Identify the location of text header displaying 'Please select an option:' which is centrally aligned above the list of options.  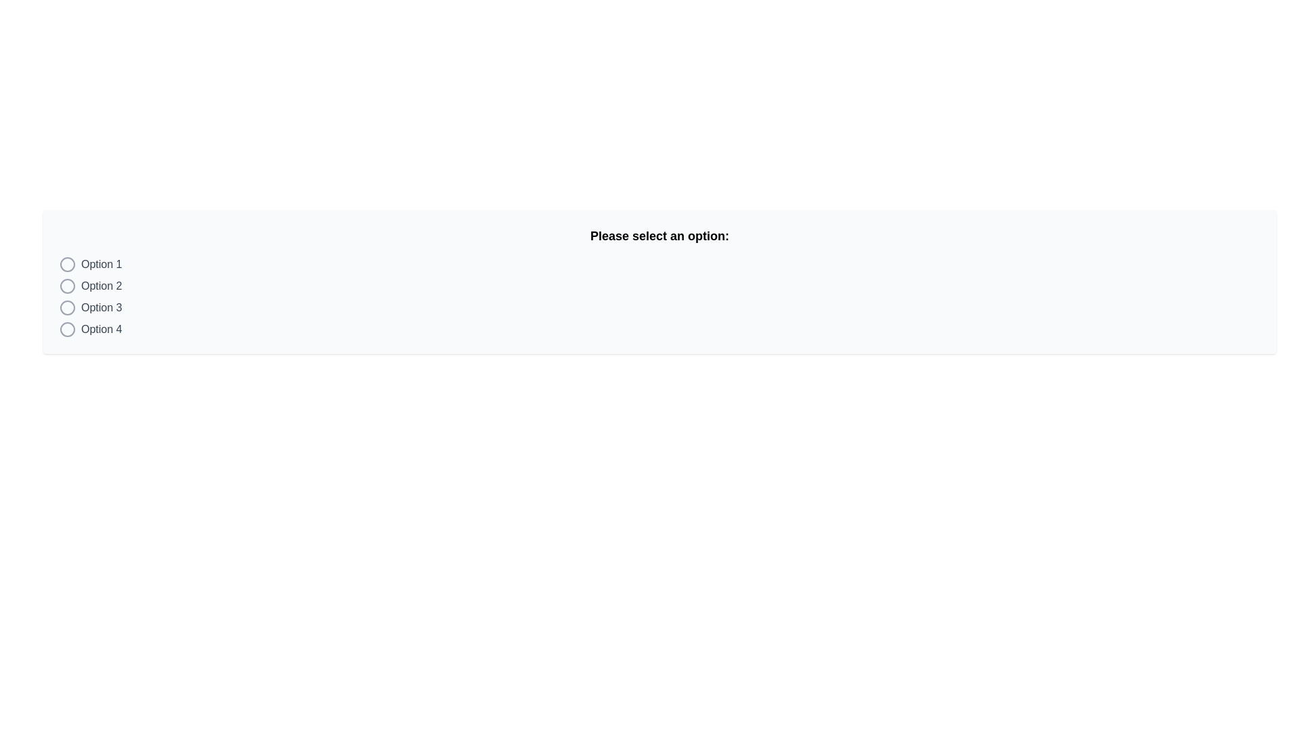
(659, 235).